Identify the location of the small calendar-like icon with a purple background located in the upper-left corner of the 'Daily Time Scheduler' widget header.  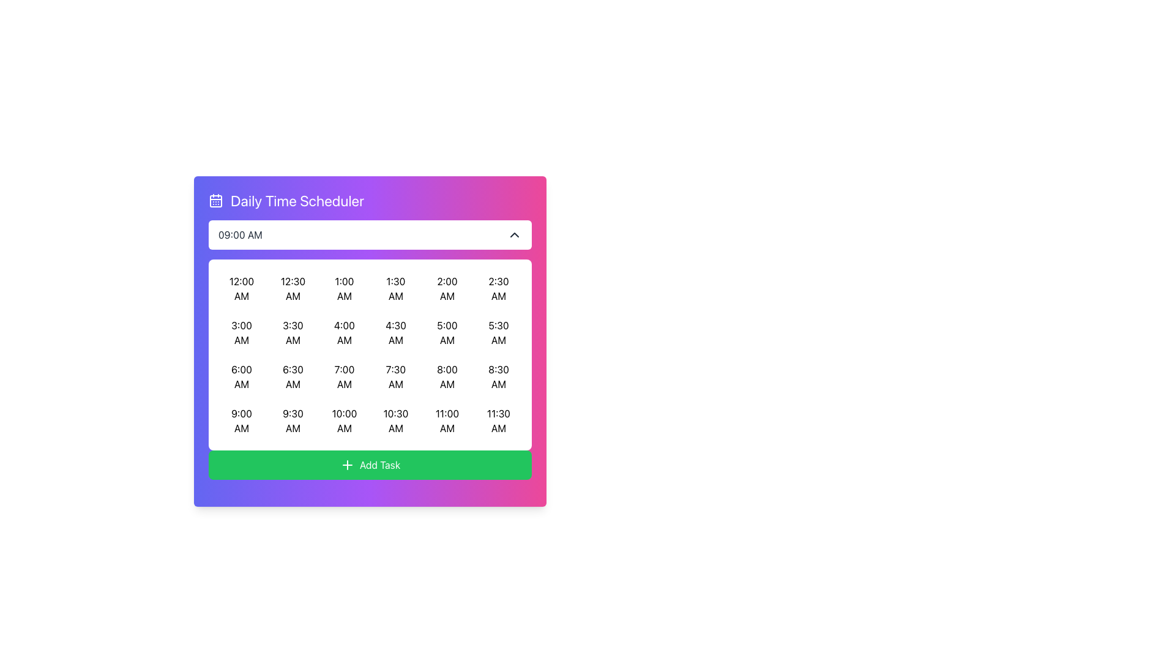
(216, 200).